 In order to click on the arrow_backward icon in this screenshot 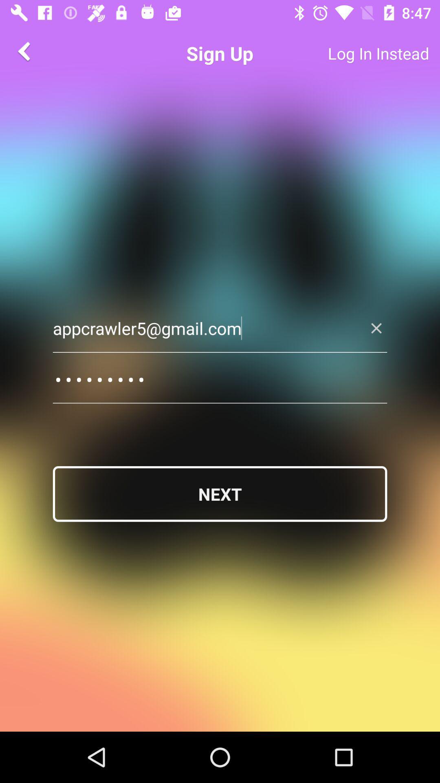, I will do `click(25, 51)`.